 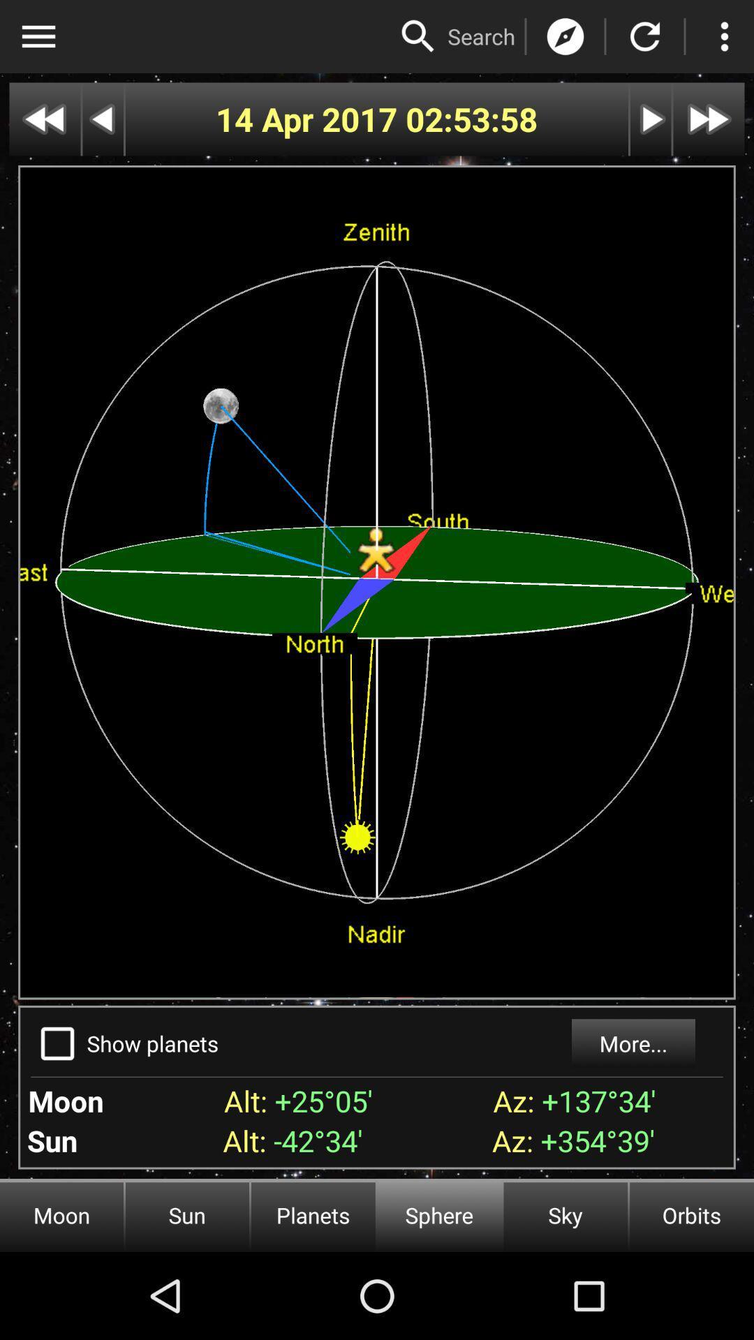 I want to click on the av_forward icon, so click(x=709, y=119).